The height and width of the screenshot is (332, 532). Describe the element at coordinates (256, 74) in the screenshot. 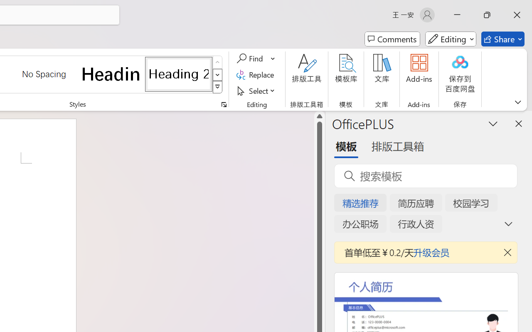

I see `'Replace...'` at that location.